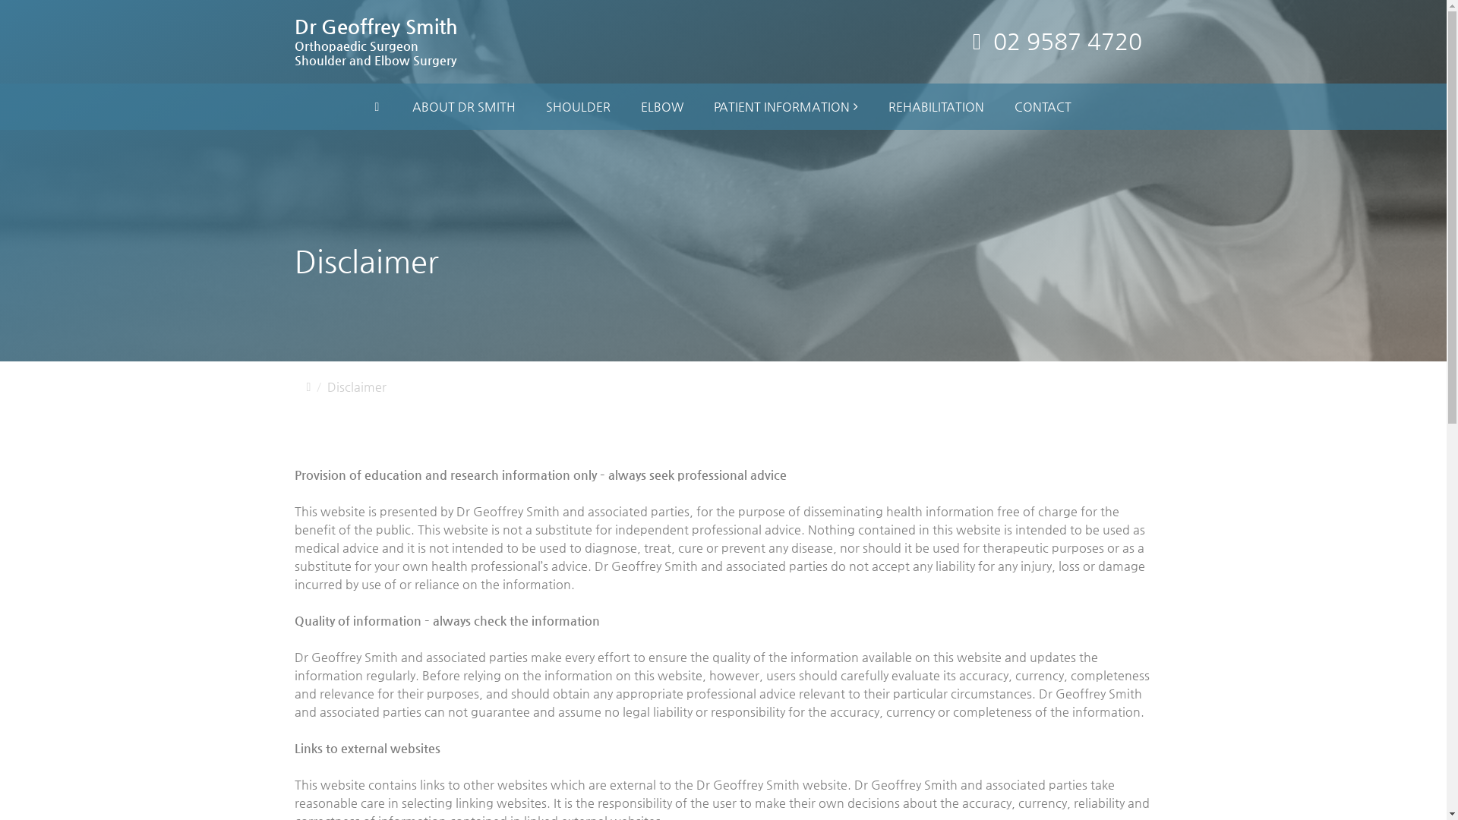 The height and width of the screenshot is (820, 1458). What do you see at coordinates (936, 106) in the screenshot?
I see `'REHABILITATION'` at bounding box center [936, 106].